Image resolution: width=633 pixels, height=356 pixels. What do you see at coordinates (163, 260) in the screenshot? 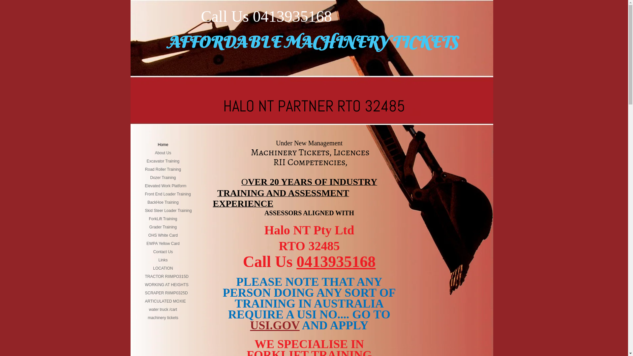
I see `'Links'` at bounding box center [163, 260].